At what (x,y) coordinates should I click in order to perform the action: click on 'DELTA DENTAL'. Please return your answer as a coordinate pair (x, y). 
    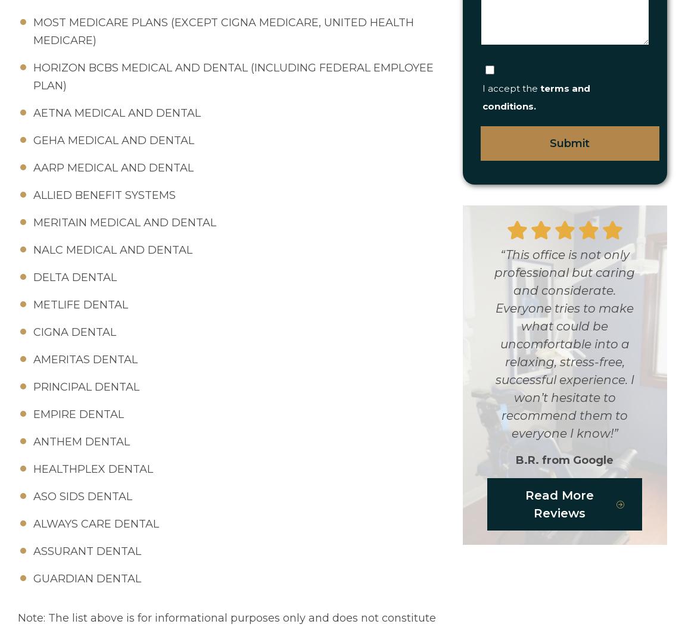
    Looking at the image, I should click on (74, 276).